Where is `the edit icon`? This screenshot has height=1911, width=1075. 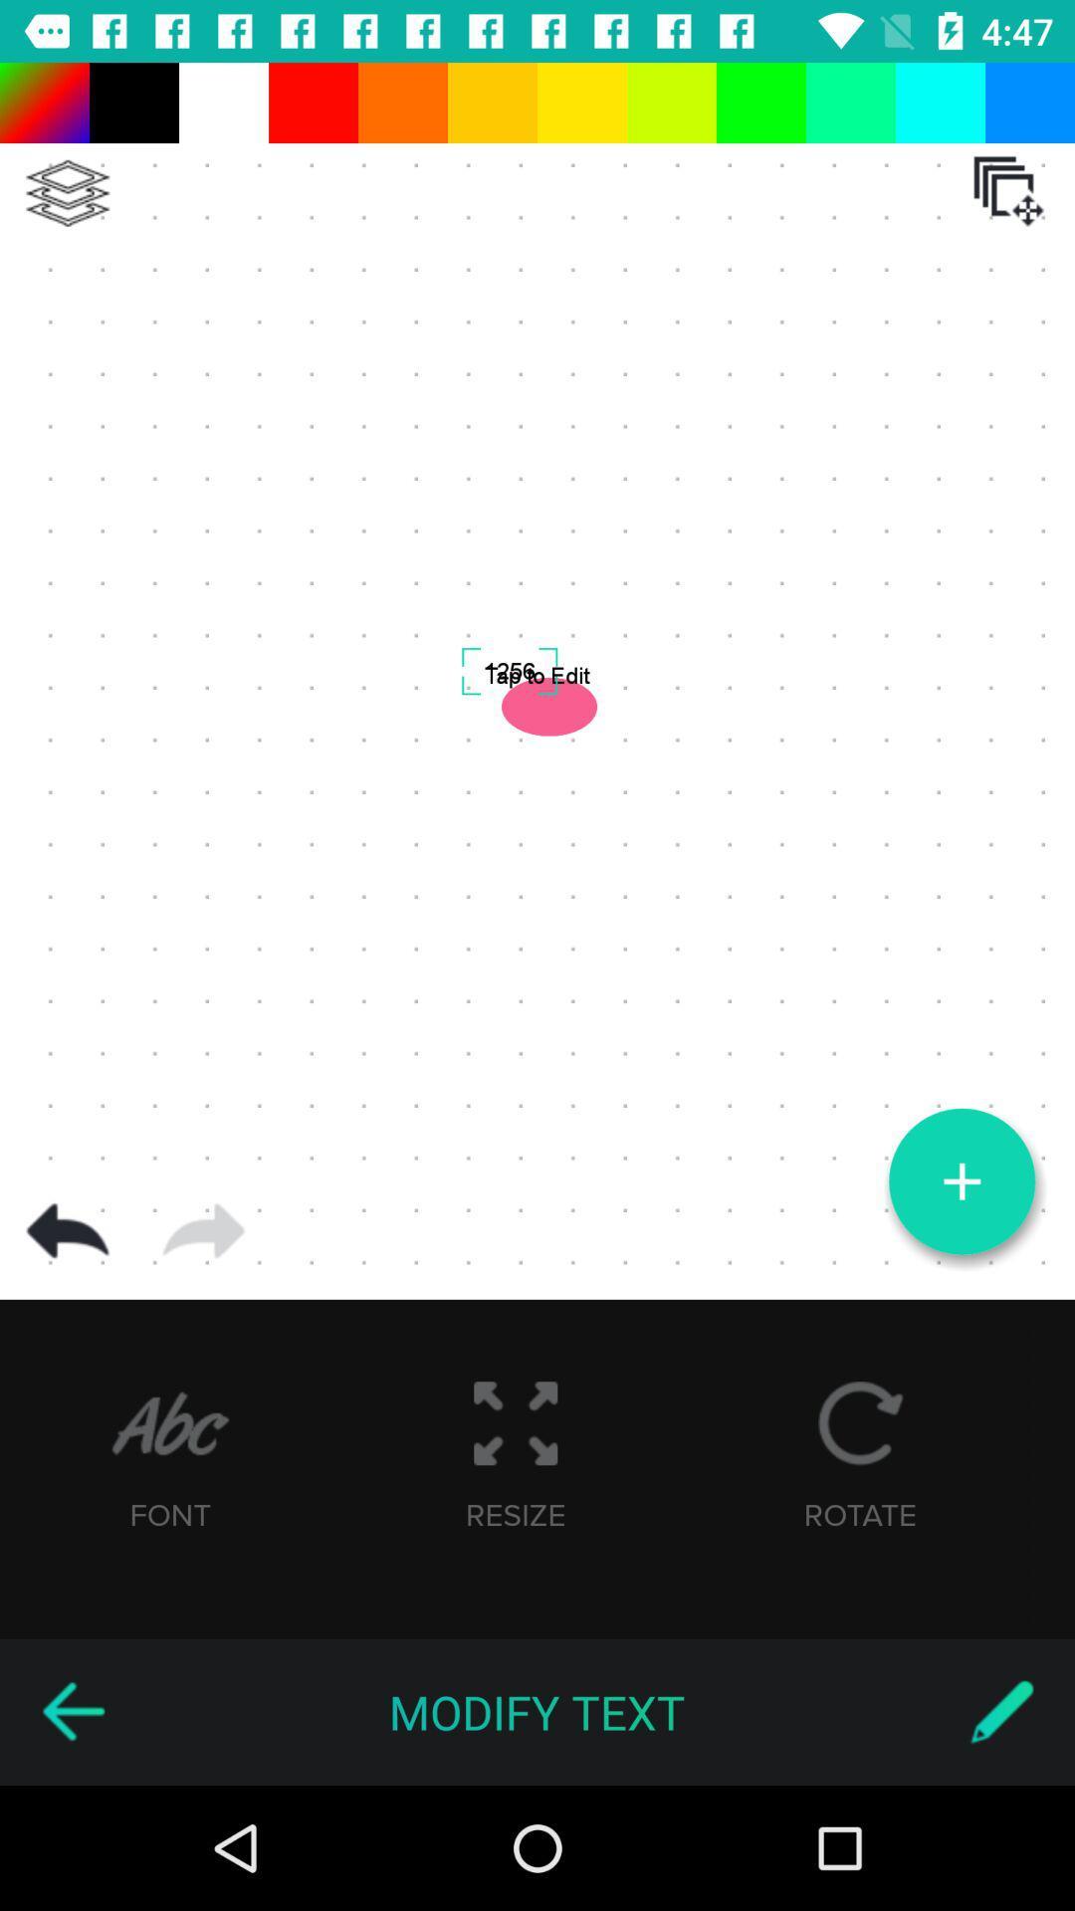 the edit icon is located at coordinates (1001, 1711).